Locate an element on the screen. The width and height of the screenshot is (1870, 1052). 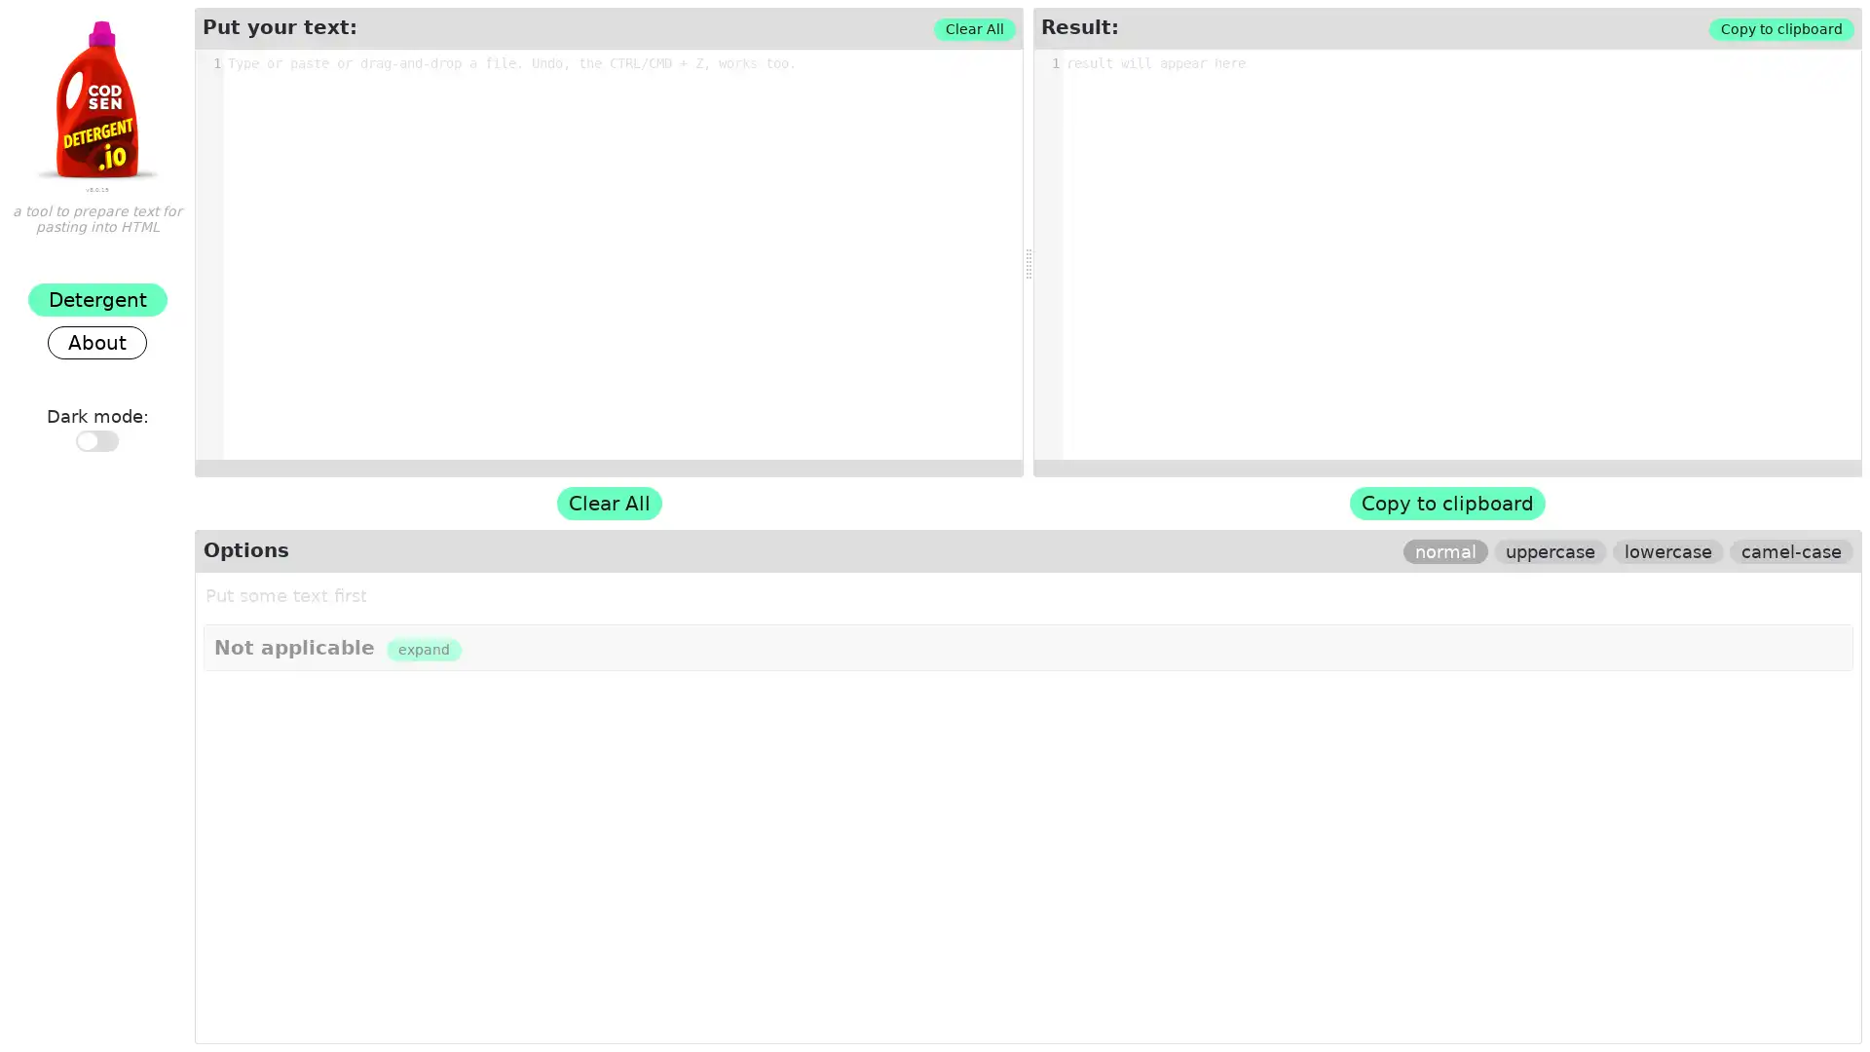
Copy to clipboard is located at coordinates (1447, 502).